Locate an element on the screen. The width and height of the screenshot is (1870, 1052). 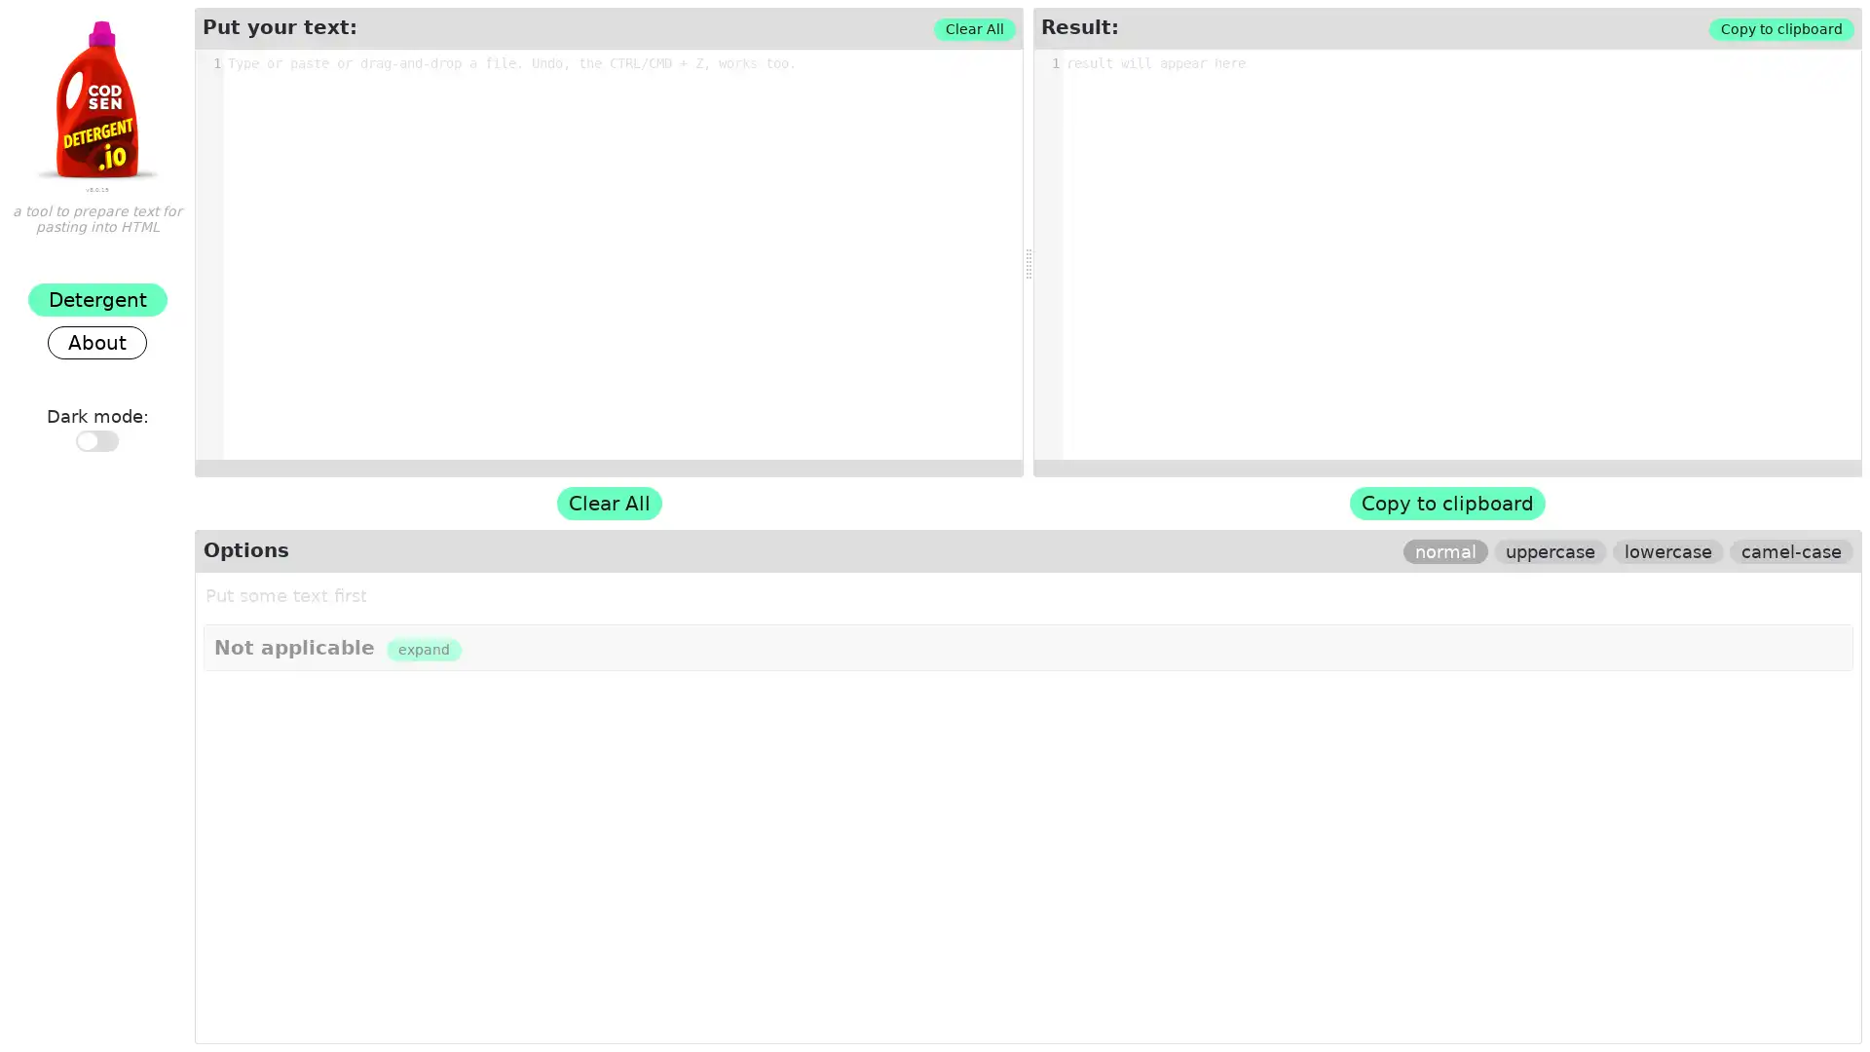
Copy to clipboard is located at coordinates (1447, 502).